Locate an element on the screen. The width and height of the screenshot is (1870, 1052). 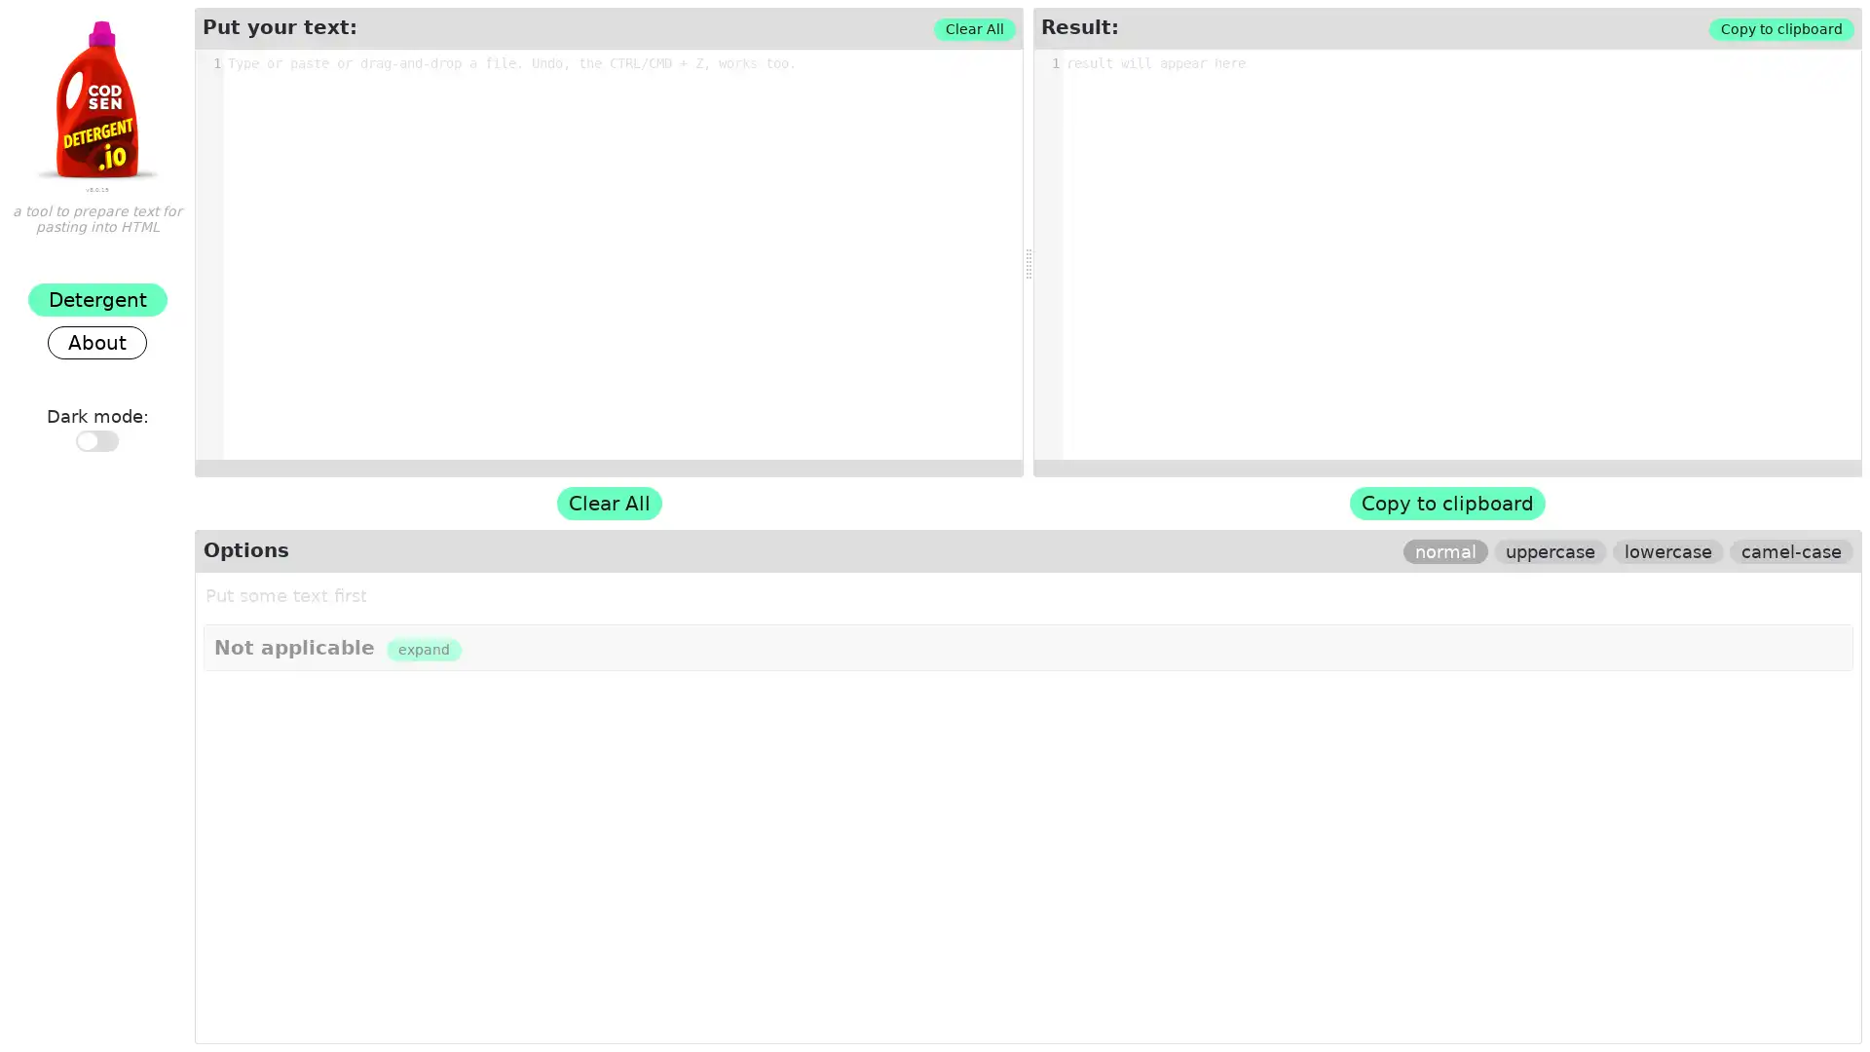
Copy to clipboard is located at coordinates (1447, 502).